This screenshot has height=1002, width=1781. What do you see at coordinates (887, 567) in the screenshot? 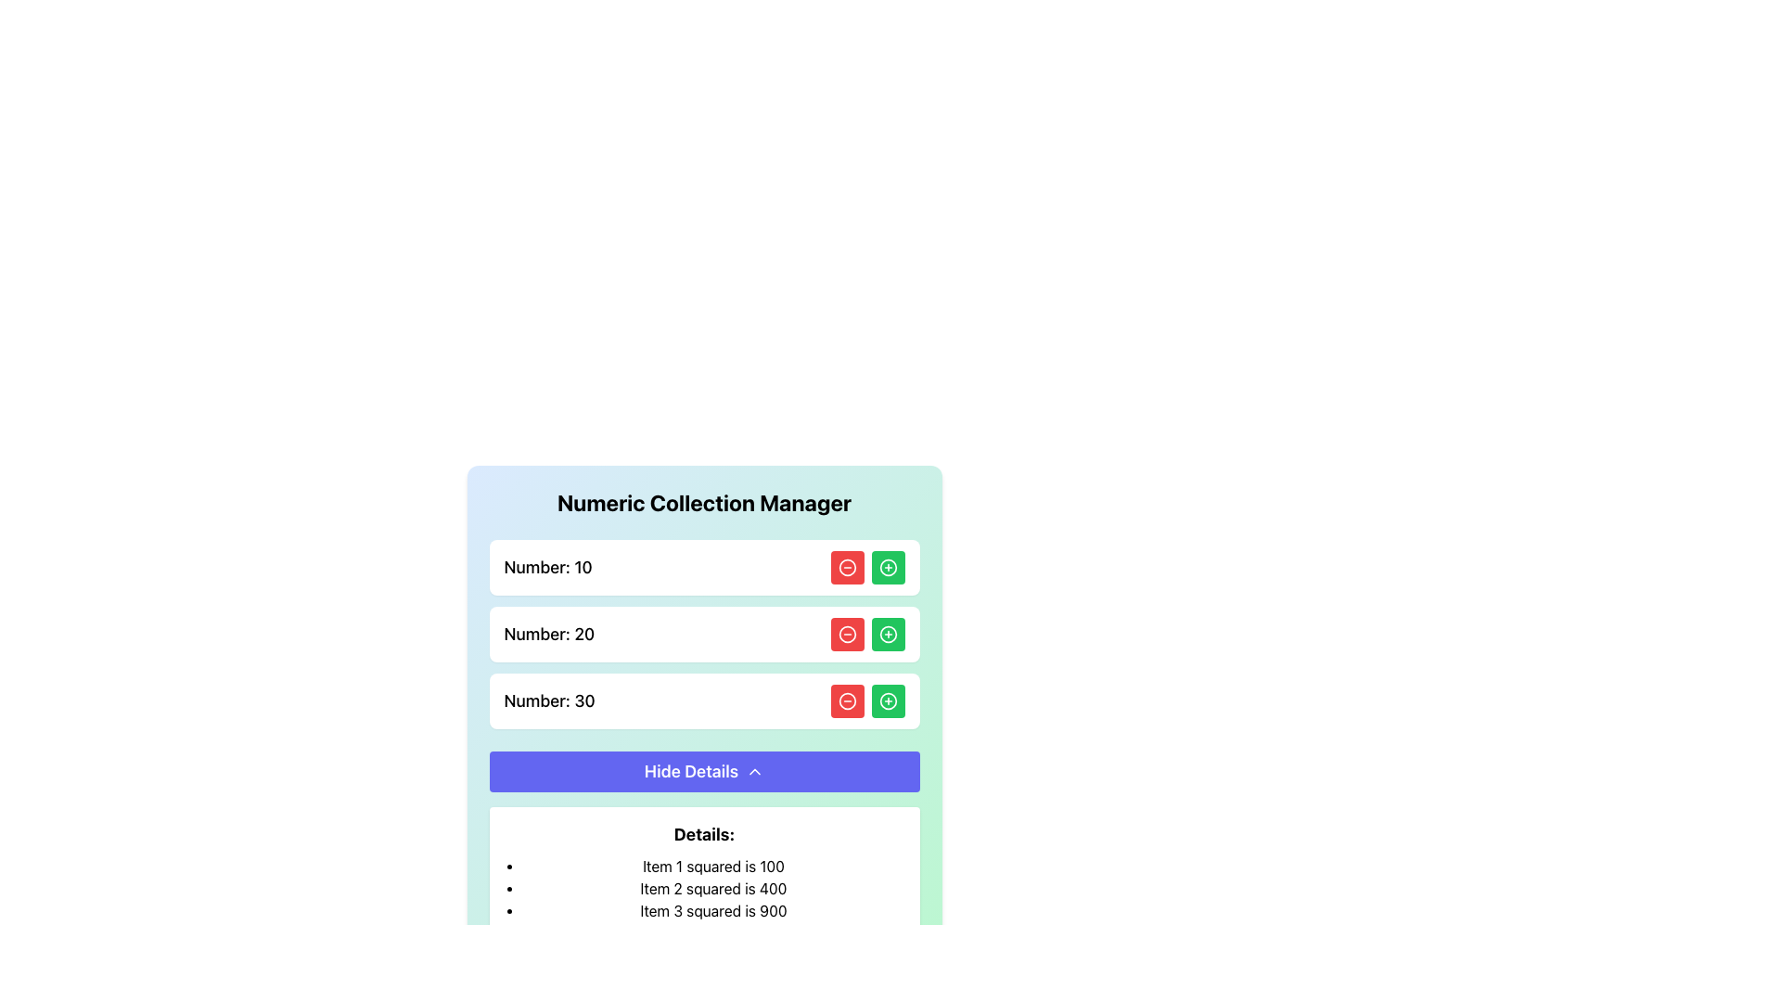
I see `the green circular button with a '+' symbol inside, located directly to the right of the 'Number: 30' text input, to engage its function` at bounding box center [887, 567].